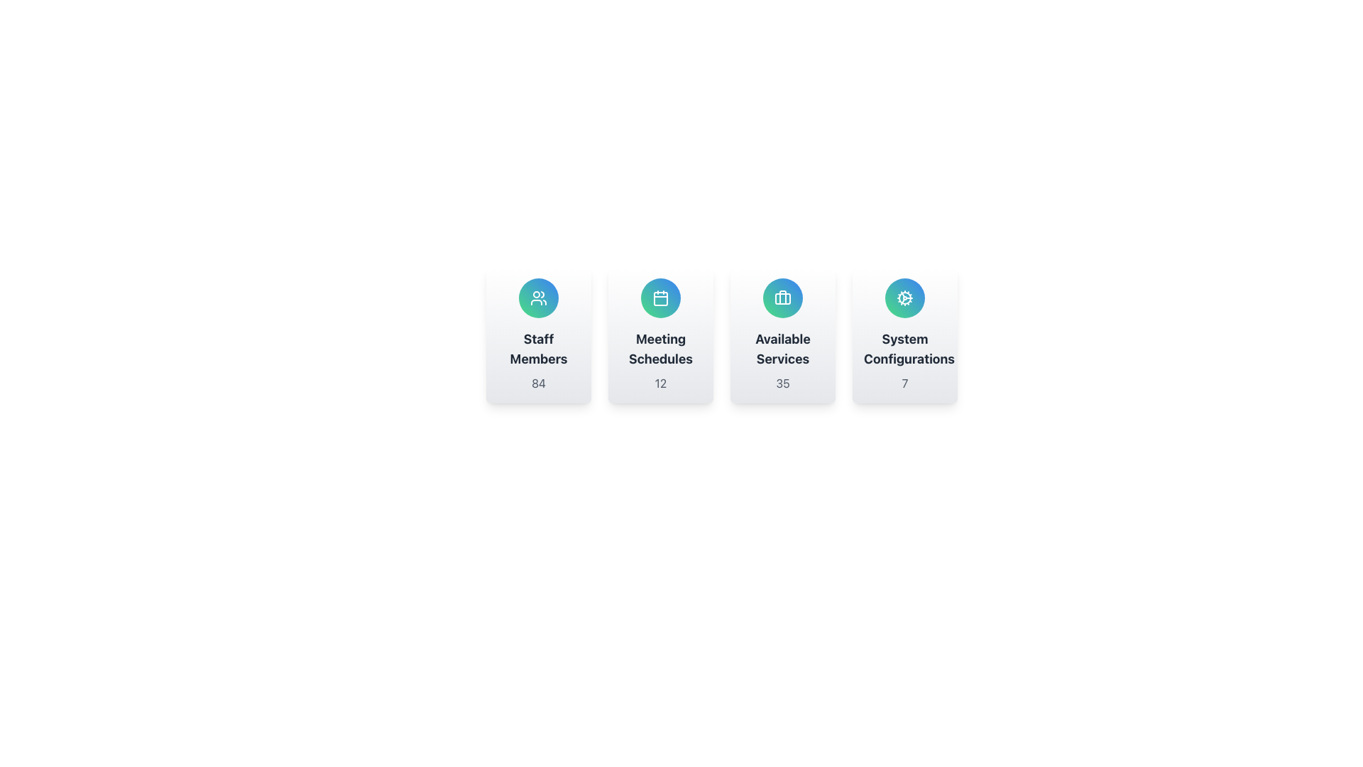 This screenshot has height=767, width=1363. I want to click on the icon button representing the 'Available Services' section, located above the text 'Available Services' and the number '35' in the card layout, so click(782, 298).